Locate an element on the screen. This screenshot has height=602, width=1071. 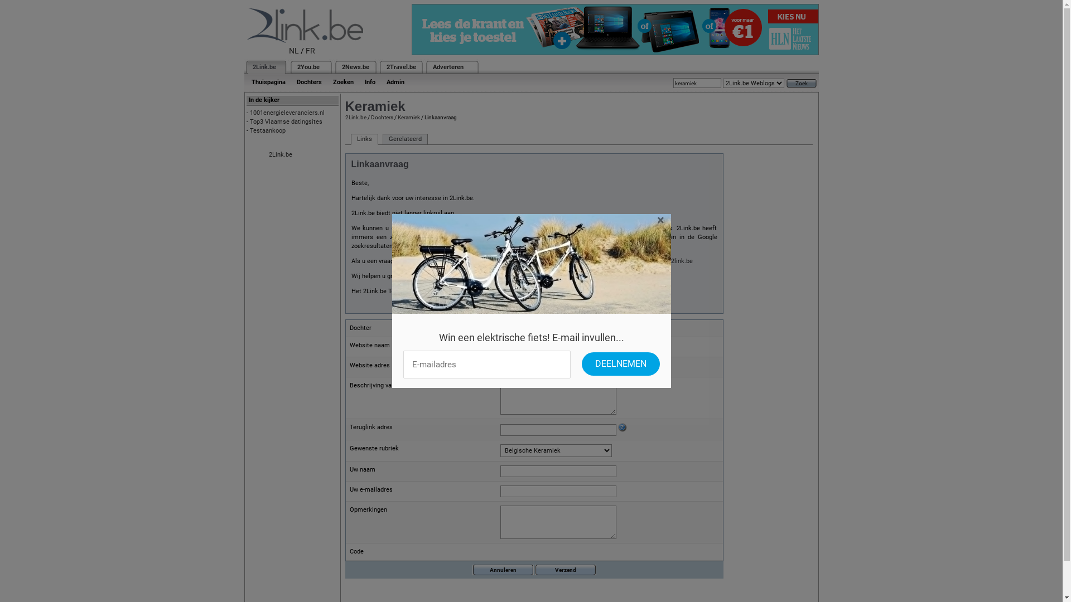
'Zoek' is located at coordinates (786, 82).